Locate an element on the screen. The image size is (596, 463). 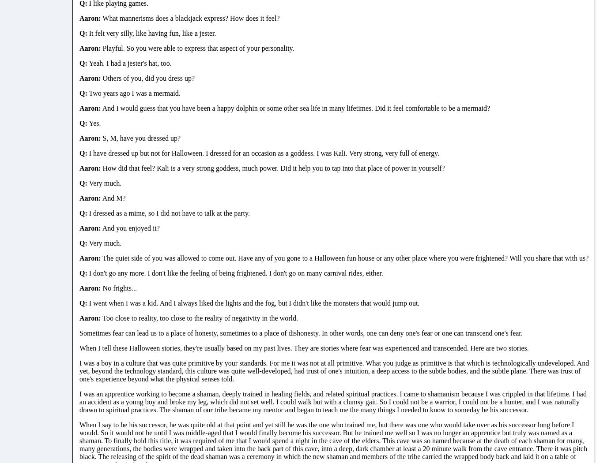
'When I tell these Halloween stories, they're usually based on my past lives. They are stories where fear was experienced and transcended. Here are two stories.' is located at coordinates (303, 347).